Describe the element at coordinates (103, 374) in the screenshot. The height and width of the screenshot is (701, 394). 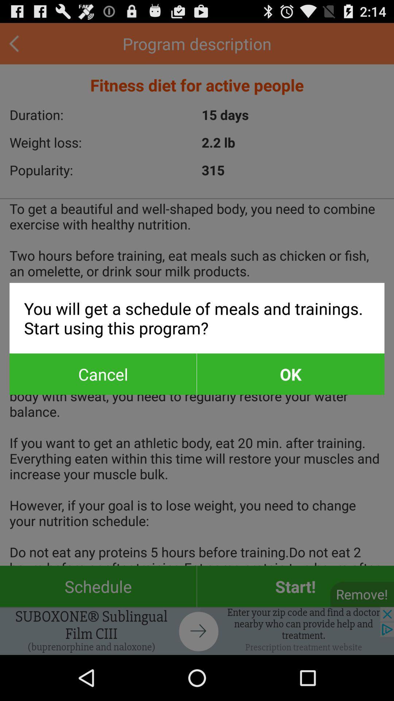
I see `cancel icon` at that location.